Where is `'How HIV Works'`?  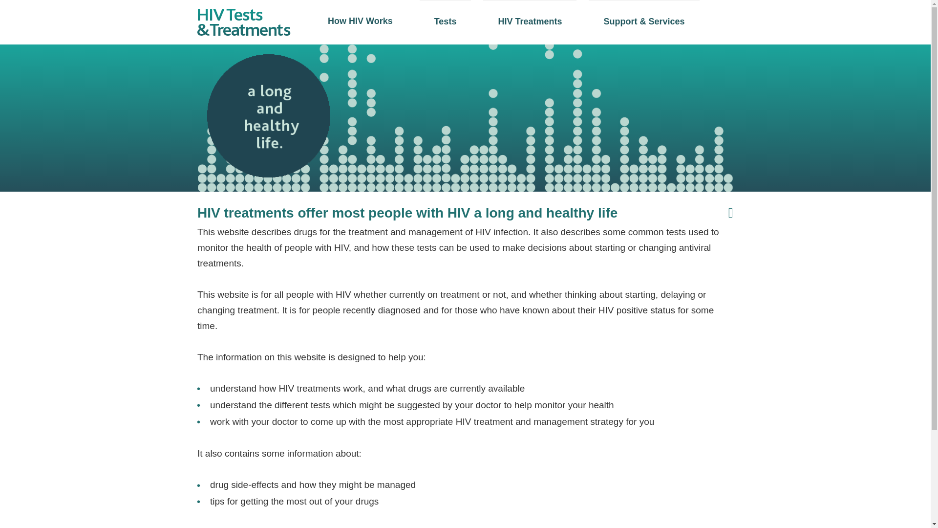
'How HIV Works' is located at coordinates (360, 21).